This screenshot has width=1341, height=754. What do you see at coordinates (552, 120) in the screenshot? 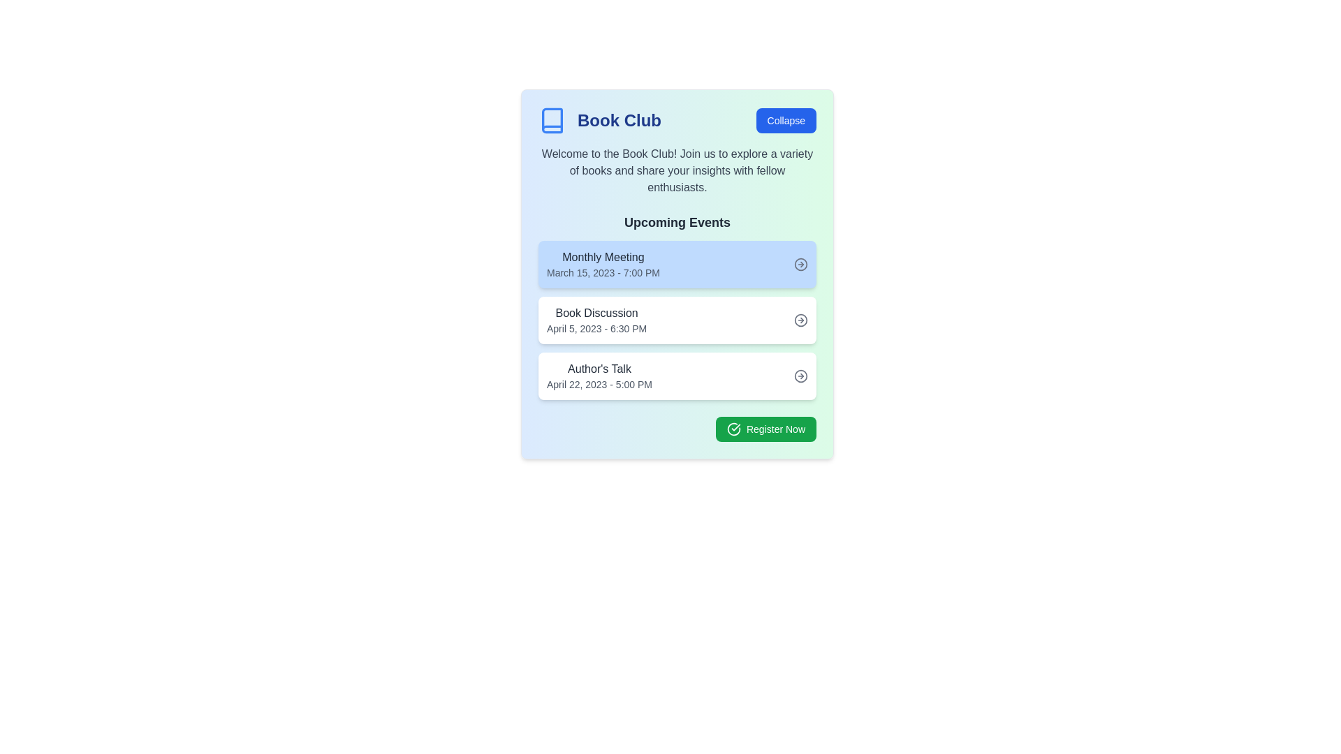
I see `the decorative book icon in the top-left corner of the 'Book Club' card interface` at bounding box center [552, 120].